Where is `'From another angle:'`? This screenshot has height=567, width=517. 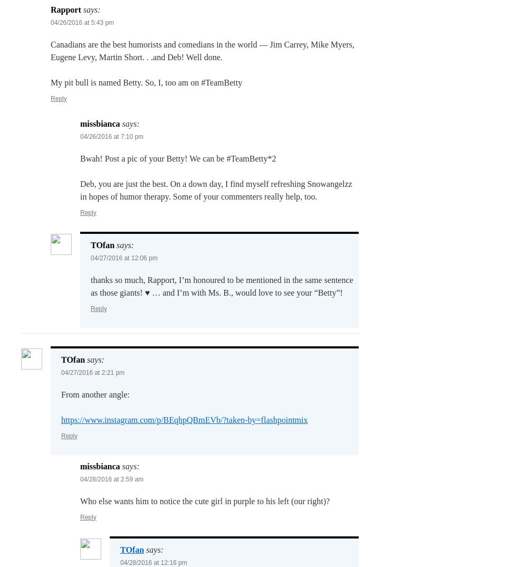
'From another angle:' is located at coordinates (95, 394).